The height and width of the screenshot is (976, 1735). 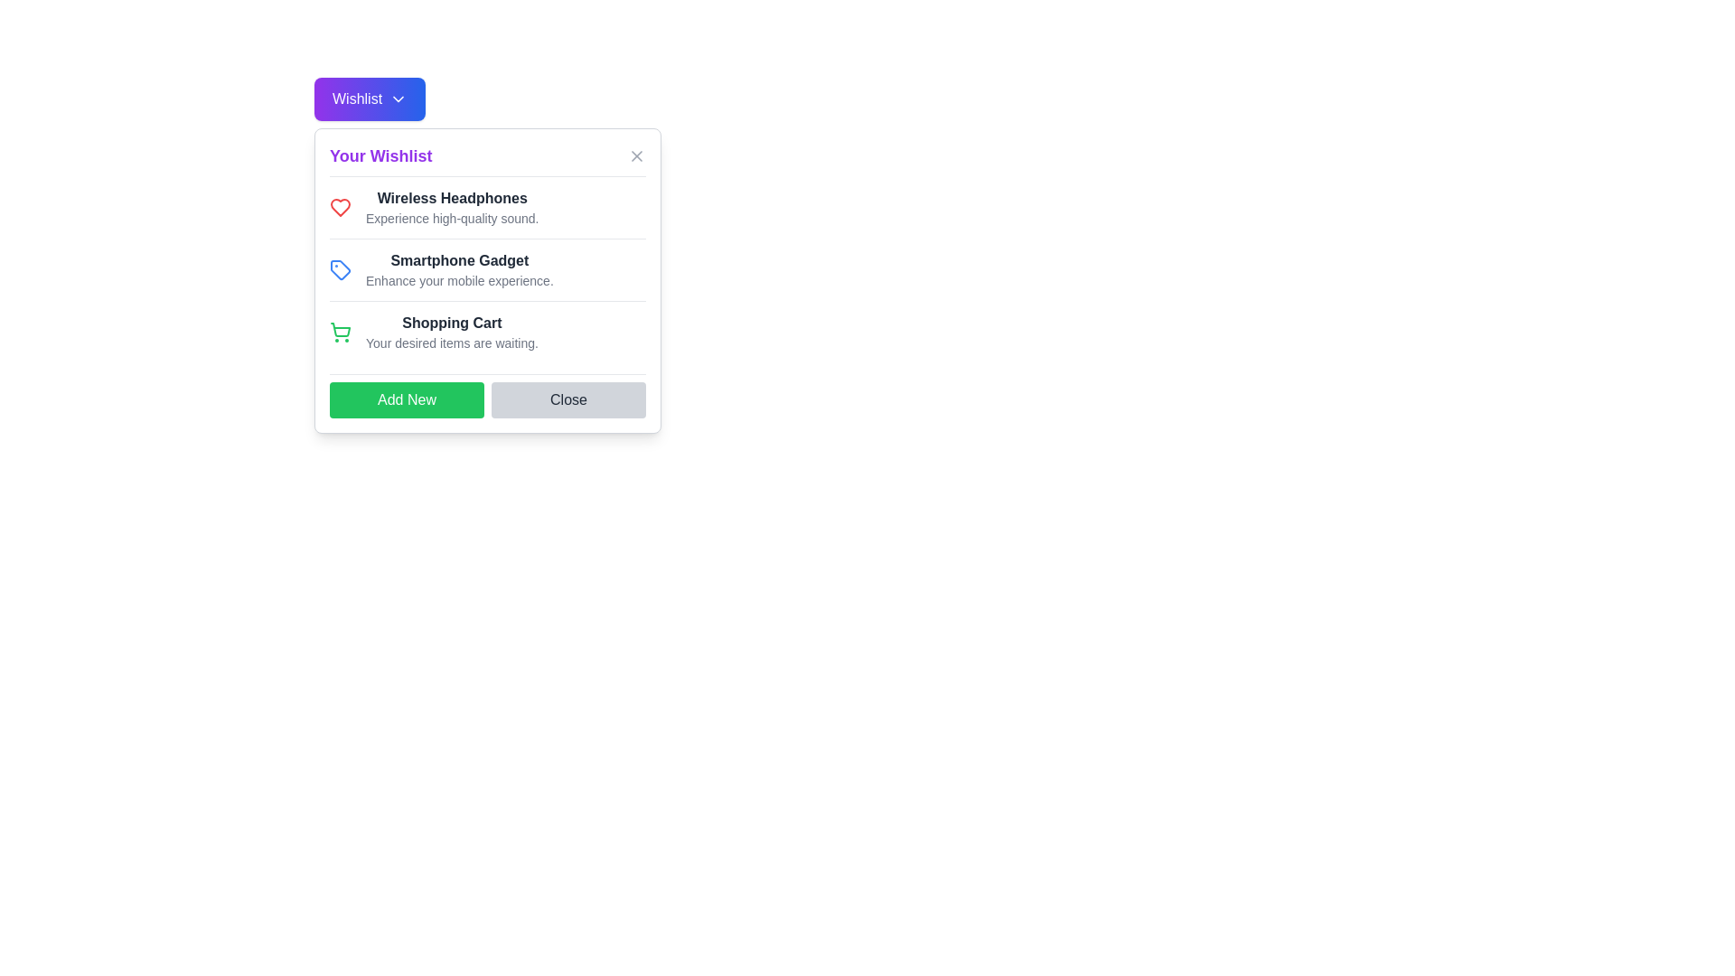 I want to click on the List item element titled 'Smartphone Gadget' with the description 'Enhance your mobile experience.' positioned under 'Your Wishlist', so click(x=459, y=270).